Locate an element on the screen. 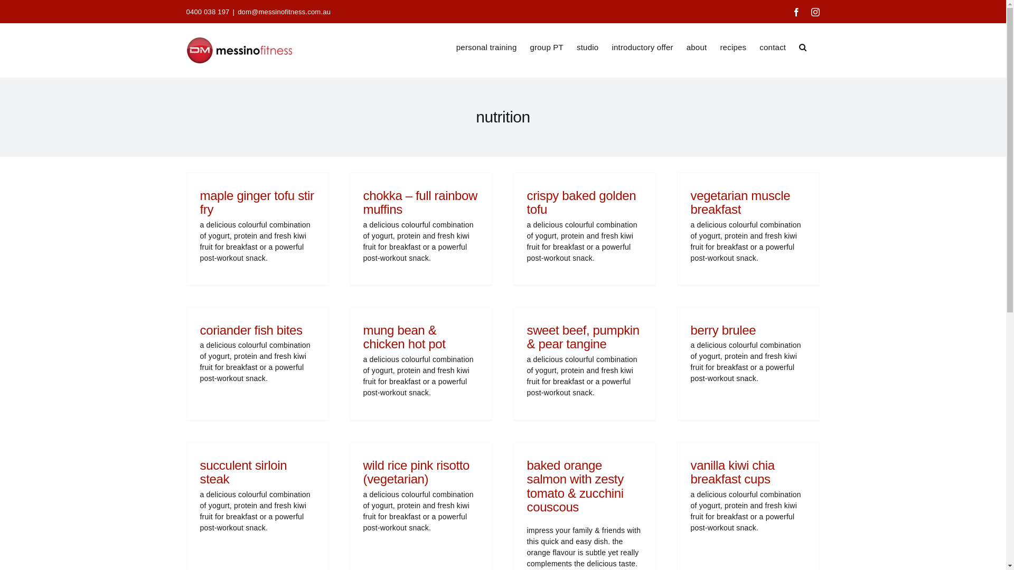 The image size is (1014, 570). 'vanilla kiwi chia breakfast cups' is located at coordinates (732, 471).